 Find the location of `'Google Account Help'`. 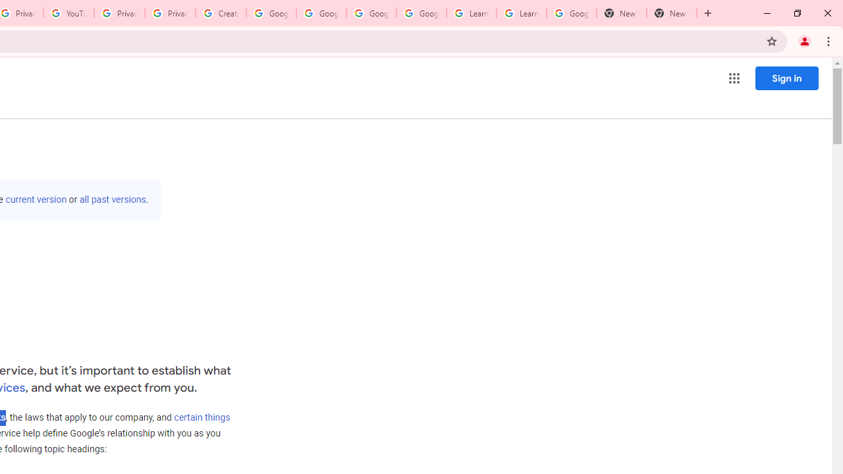

'Google Account Help' is located at coordinates (271, 13).